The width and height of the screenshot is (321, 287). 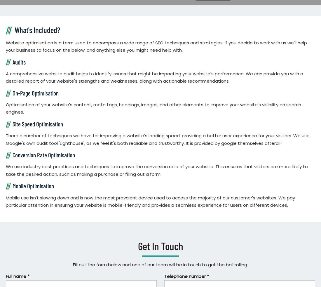 I want to click on 'We use industry best practices and techniques to improve the conversion rate of your website. This ensures that visitors are more likely to take the desired action, such as making a purchase or filling out a form.', so click(x=6, y=170).